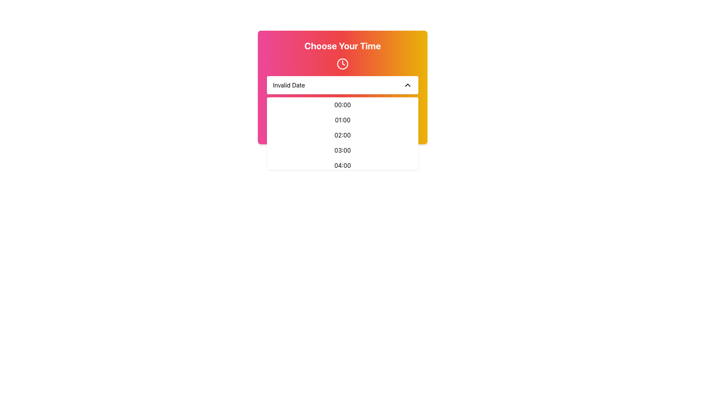 This screenshot has width=727, height=409. I want to click on the dropdown menu trigger labeled 'Invalid Date', so click(342, 85).